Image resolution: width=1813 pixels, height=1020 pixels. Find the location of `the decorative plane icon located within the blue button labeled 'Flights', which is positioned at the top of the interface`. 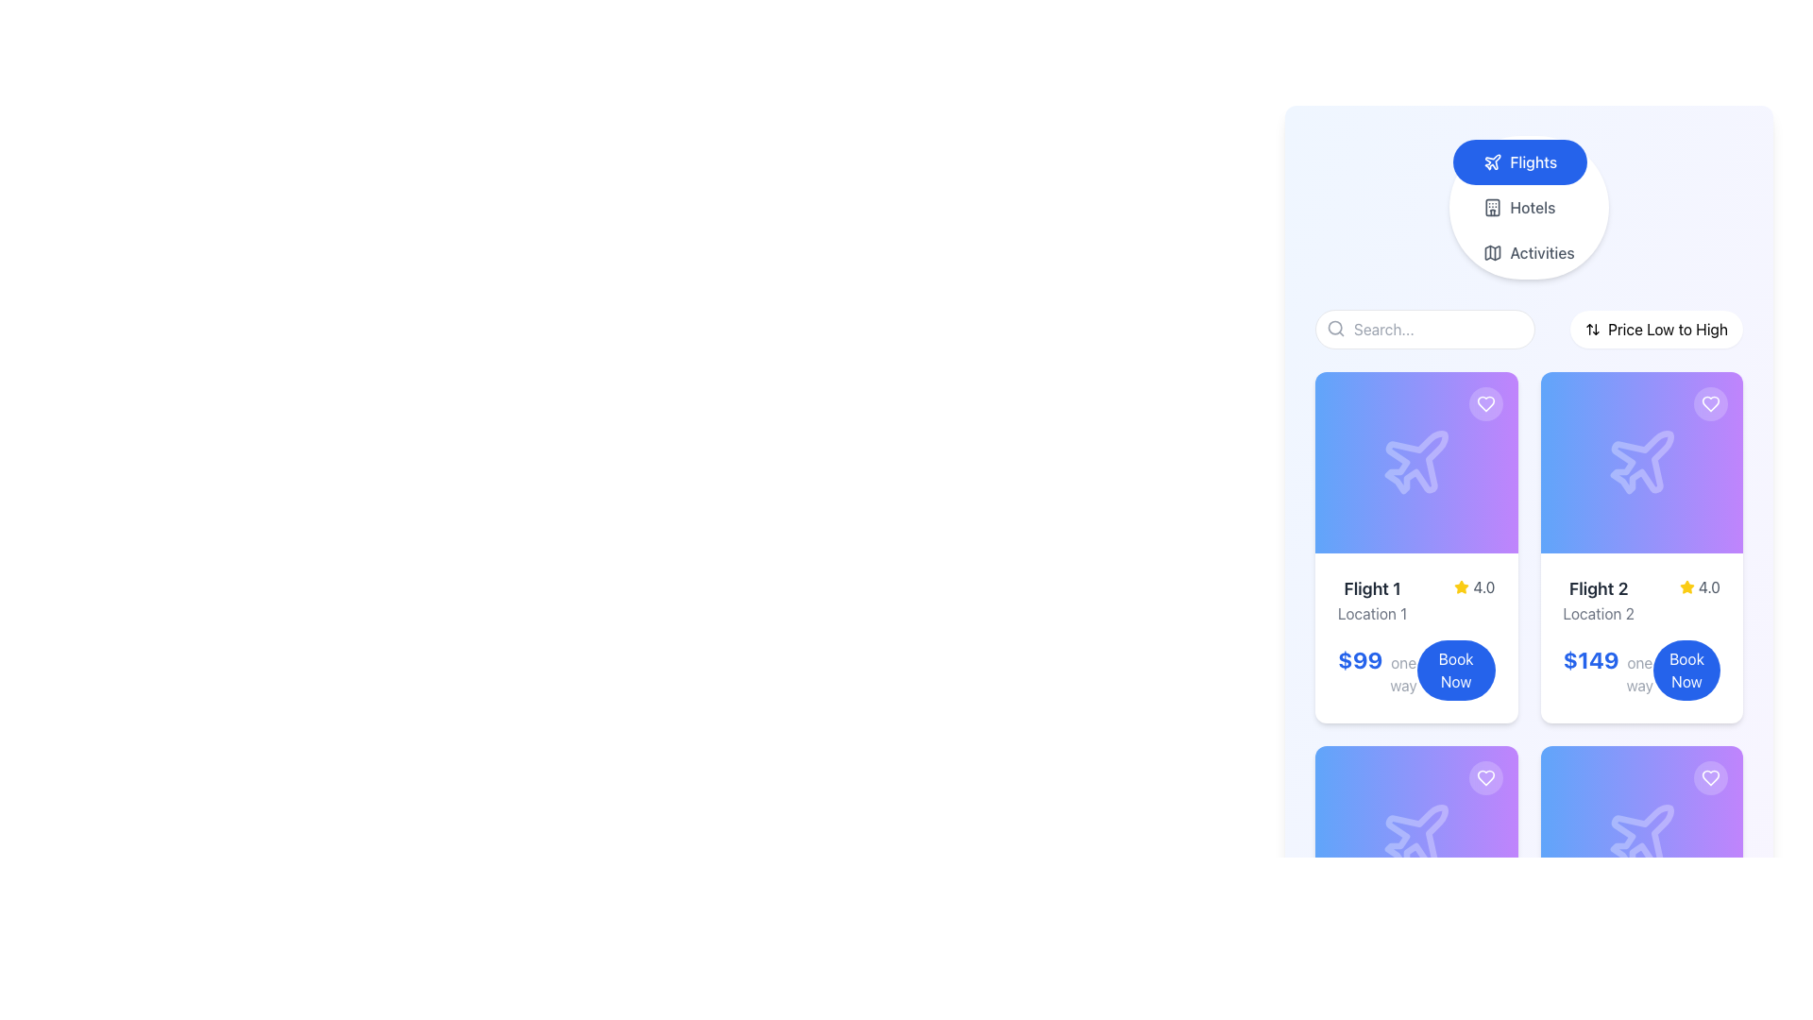

the decorative plane icon located within the blue button labeled 'Flights', which is positioned at the top of the interface is located at coordinates (1492, 161).